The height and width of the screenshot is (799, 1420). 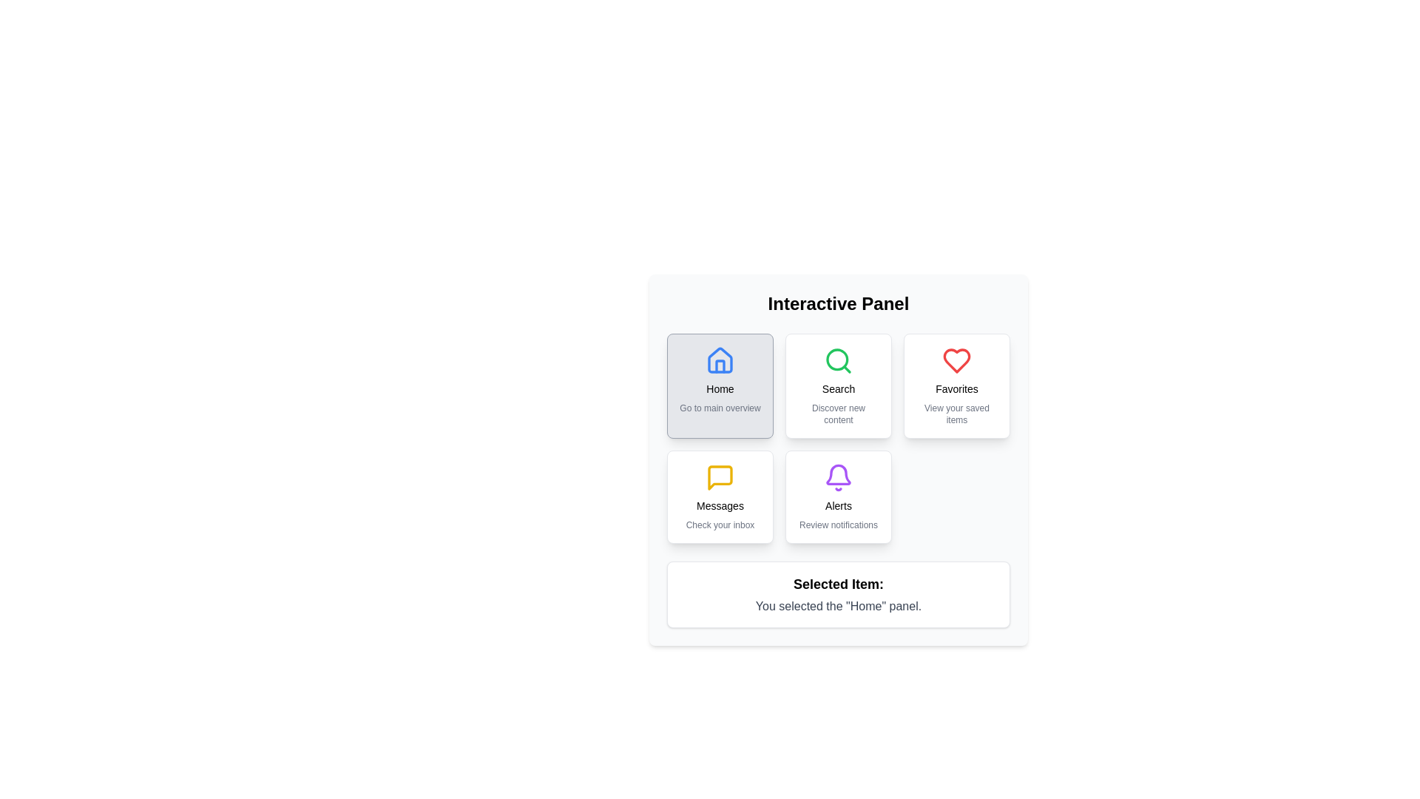 What do you see at coordinates (838, 477) in the screenshot?
I see `the purple bell icon within the 'Alerts' card located in the bottom-right section of the Interactive Panel` at bounding box center [838, 477].